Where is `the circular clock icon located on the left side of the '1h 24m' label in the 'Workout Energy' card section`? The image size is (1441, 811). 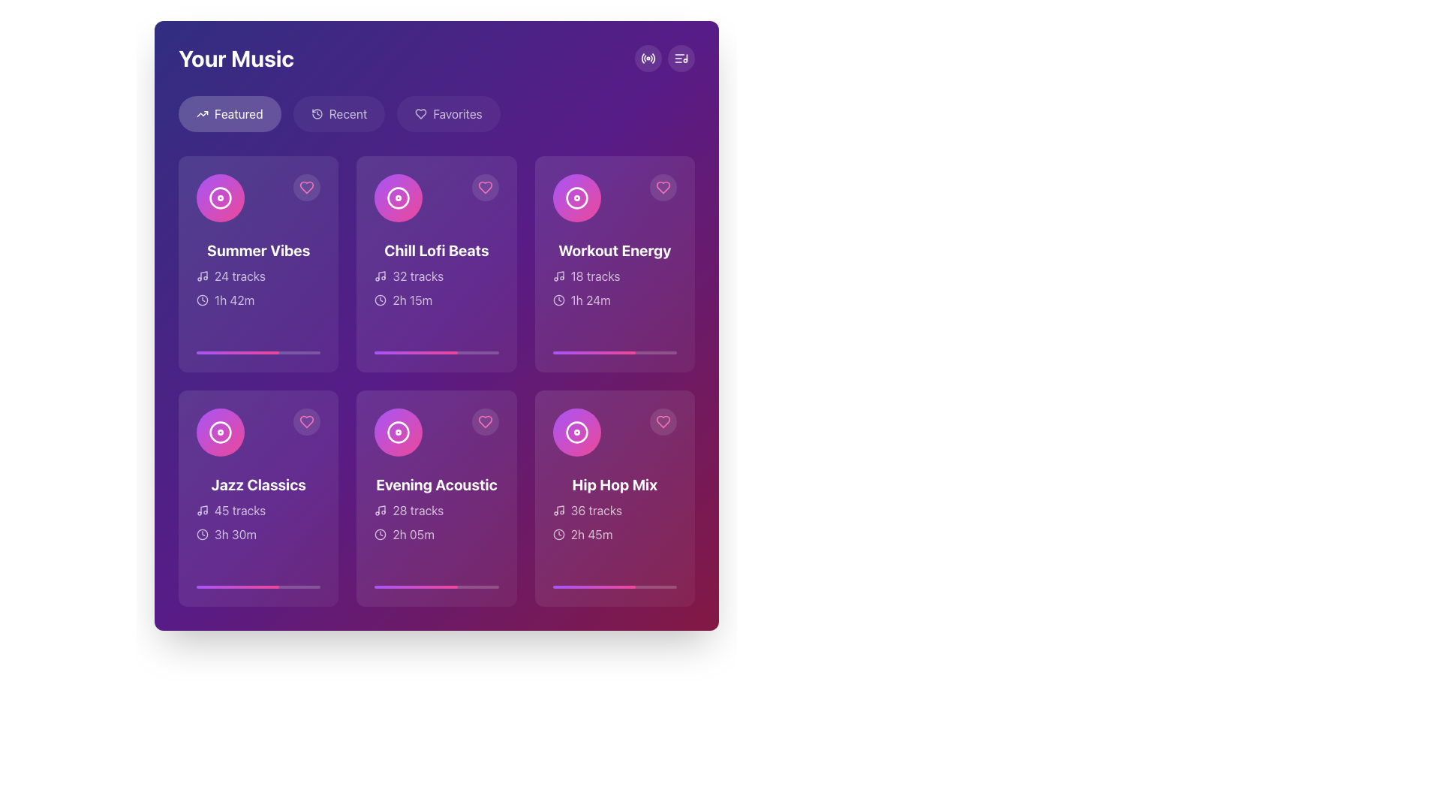 the circular clock icon located on the left side of the '1h 24m' label in the 'Workout Energy' card section is located at coordinates (558, 300).